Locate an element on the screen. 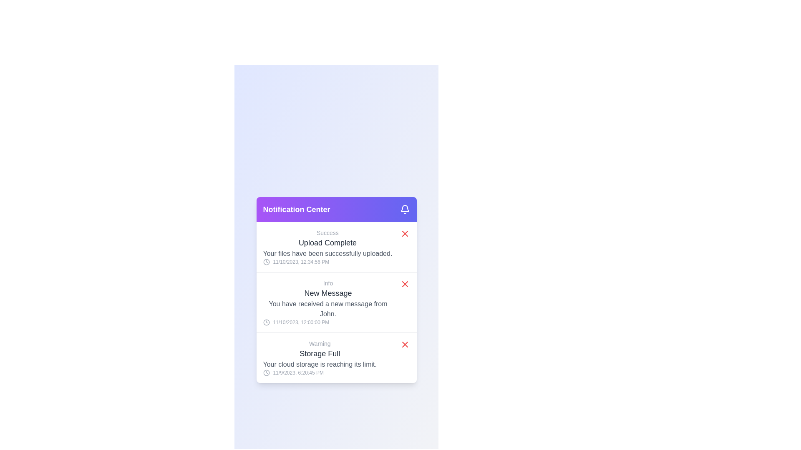  notification text indicating that the user's storage capacity is nearly full, located in the Notification Center, specifically the third line of the 'Storage Full' notification is located at coordinates (319, 364).